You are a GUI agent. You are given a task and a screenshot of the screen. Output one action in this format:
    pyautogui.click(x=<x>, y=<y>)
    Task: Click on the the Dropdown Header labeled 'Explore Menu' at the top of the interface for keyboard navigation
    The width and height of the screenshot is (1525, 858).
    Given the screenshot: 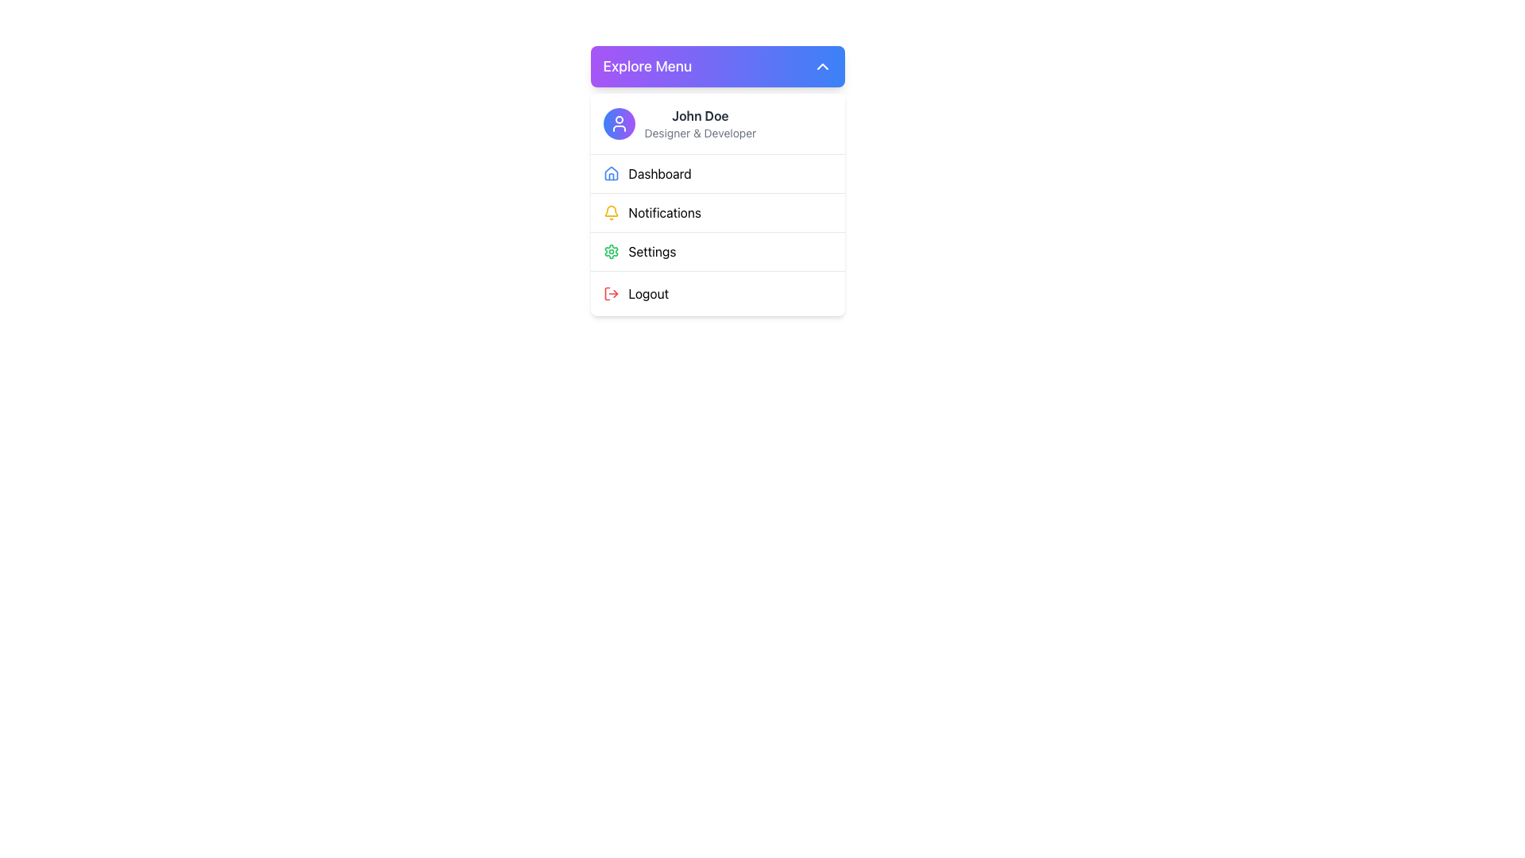 What is the action you would take?
    pyautogui.click(x=716, y=66)
    